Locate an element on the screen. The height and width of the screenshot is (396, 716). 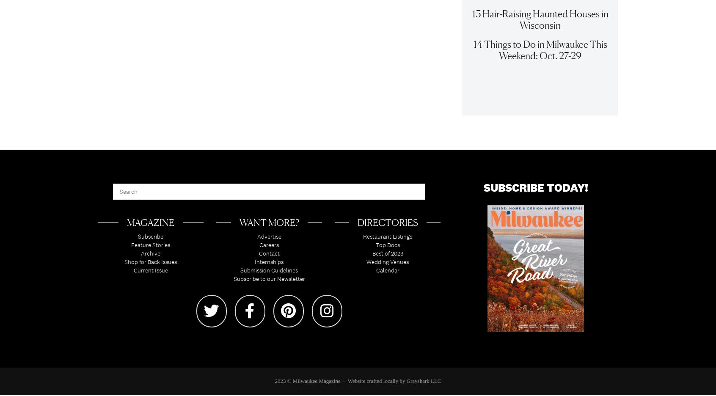
'13 Hair-Raising Haunted Houses in Wisconsin' is located at coordinates (539, 23).